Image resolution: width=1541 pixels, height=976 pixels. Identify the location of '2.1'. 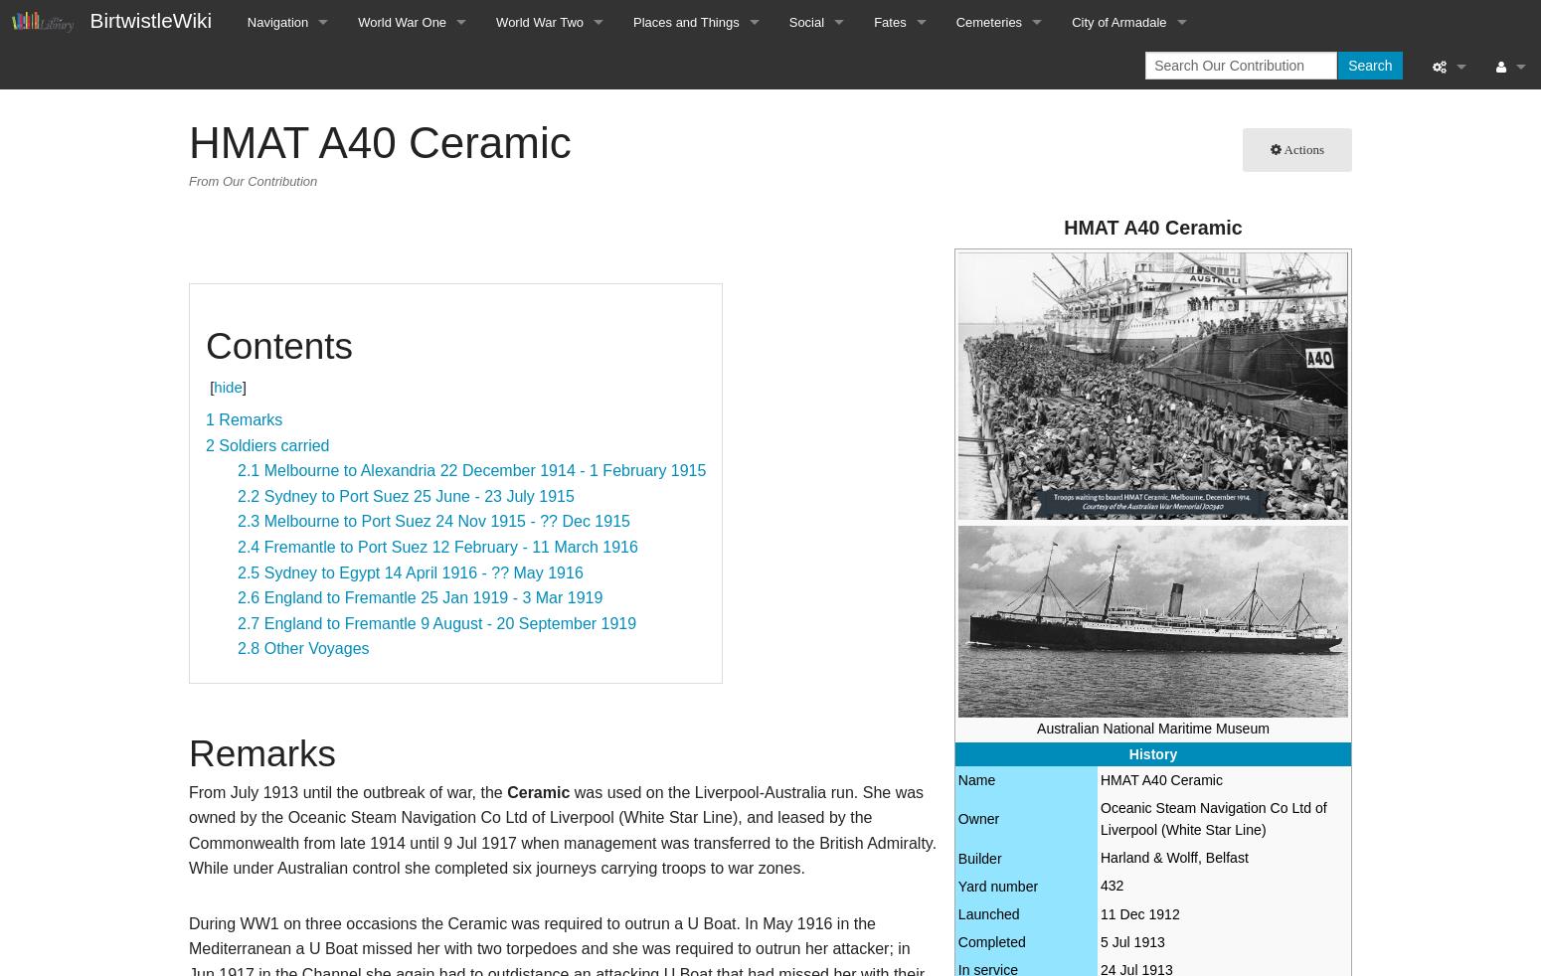
(249, 470).